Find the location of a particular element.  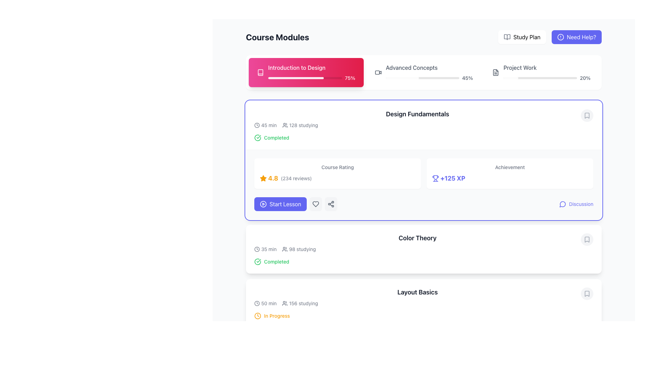

the filled portion of the progress indicator in the 'Advanced Concepts' section to represent progress visually is located at coordinates (402, 78).